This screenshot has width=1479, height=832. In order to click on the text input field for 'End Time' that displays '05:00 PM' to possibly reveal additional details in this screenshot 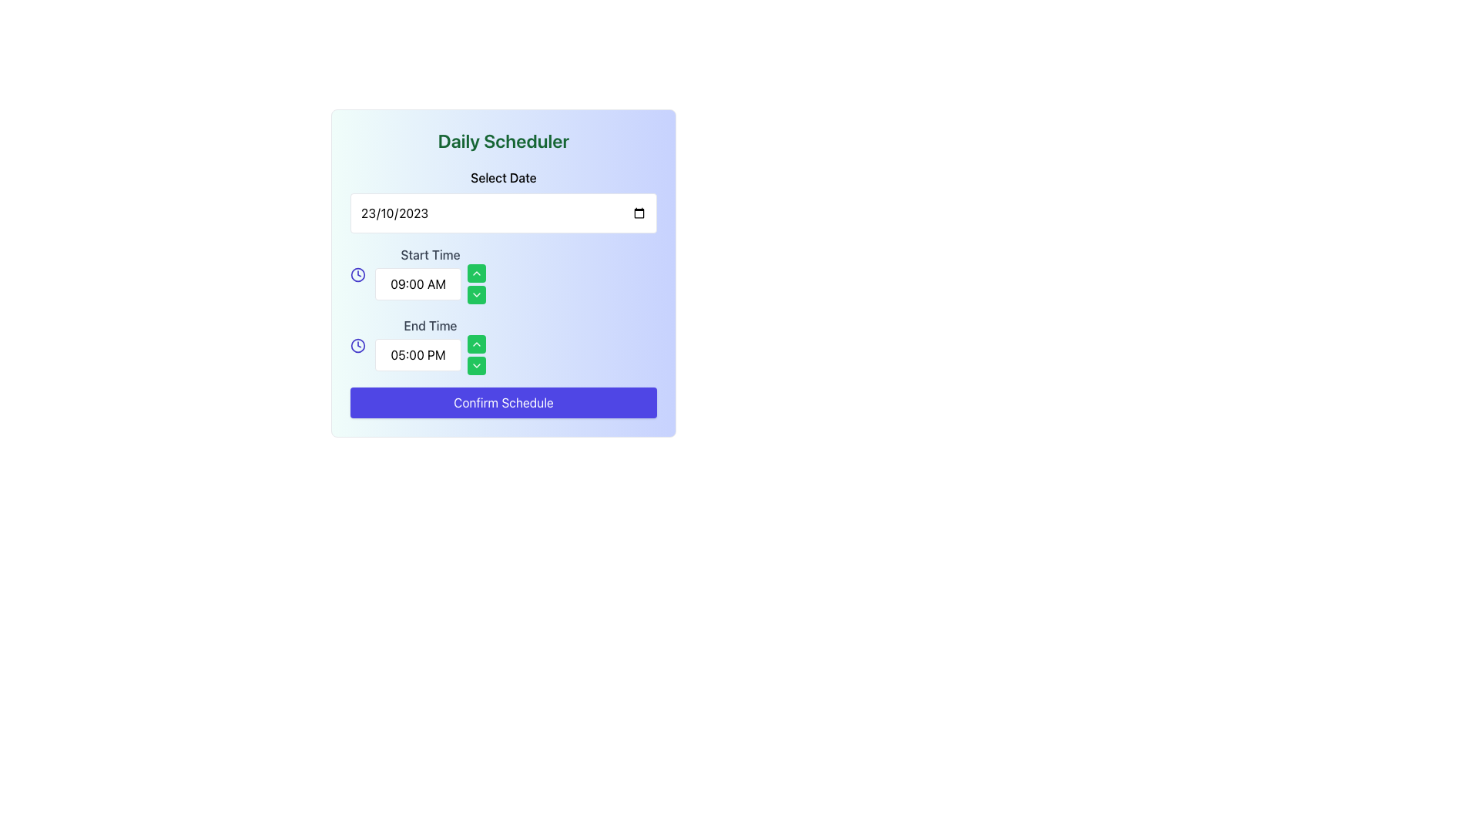, I will do `click(430, 355)`.